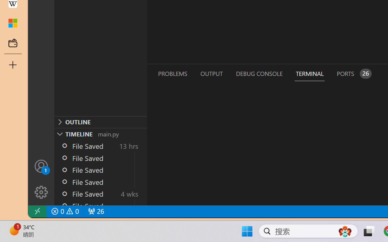  What do you see at coordinates (172, 73) in the screenshot?
I see `'Problems (Ctrl+Shift+M)'` at bounding box center [172, 73].